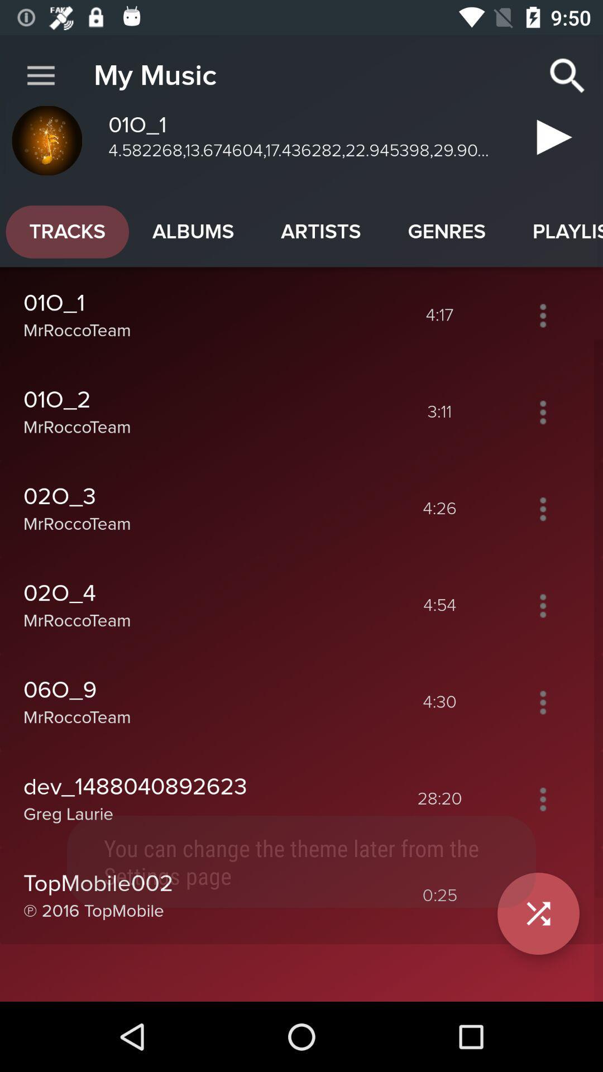 The width and height of the screenshot is (603, 1072). I want to click on open options, so click(542, 315).